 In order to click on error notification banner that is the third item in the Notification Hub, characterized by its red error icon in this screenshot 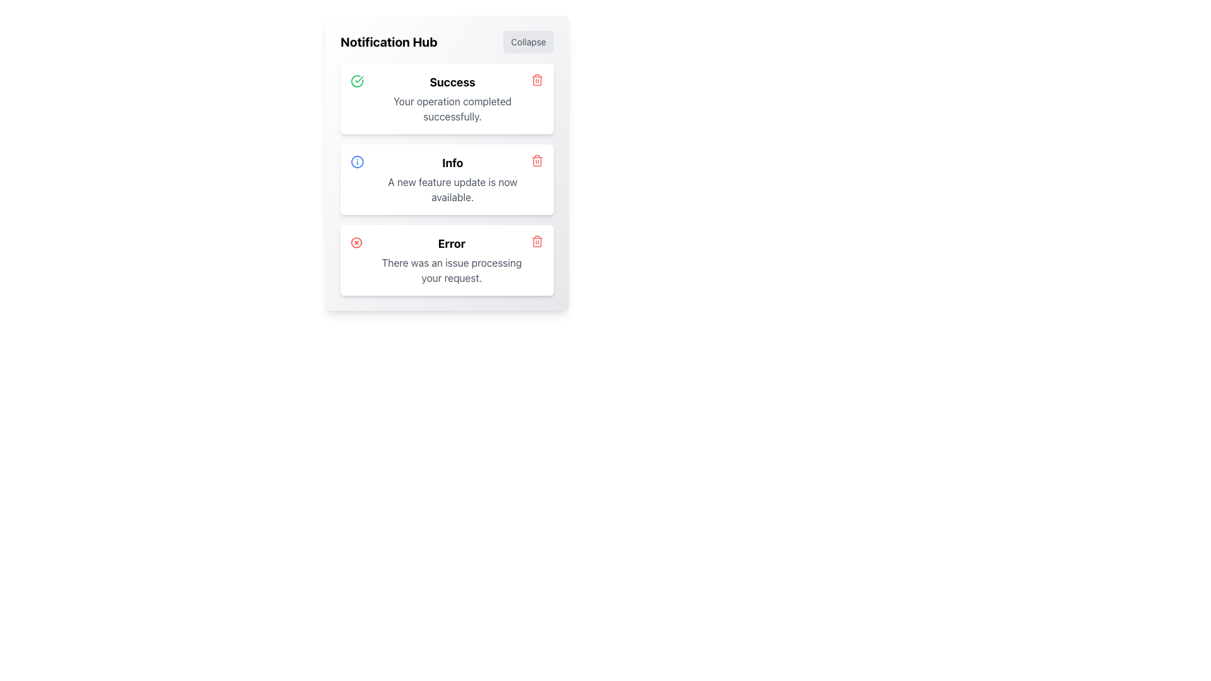, I will do `click(452, 259)`.